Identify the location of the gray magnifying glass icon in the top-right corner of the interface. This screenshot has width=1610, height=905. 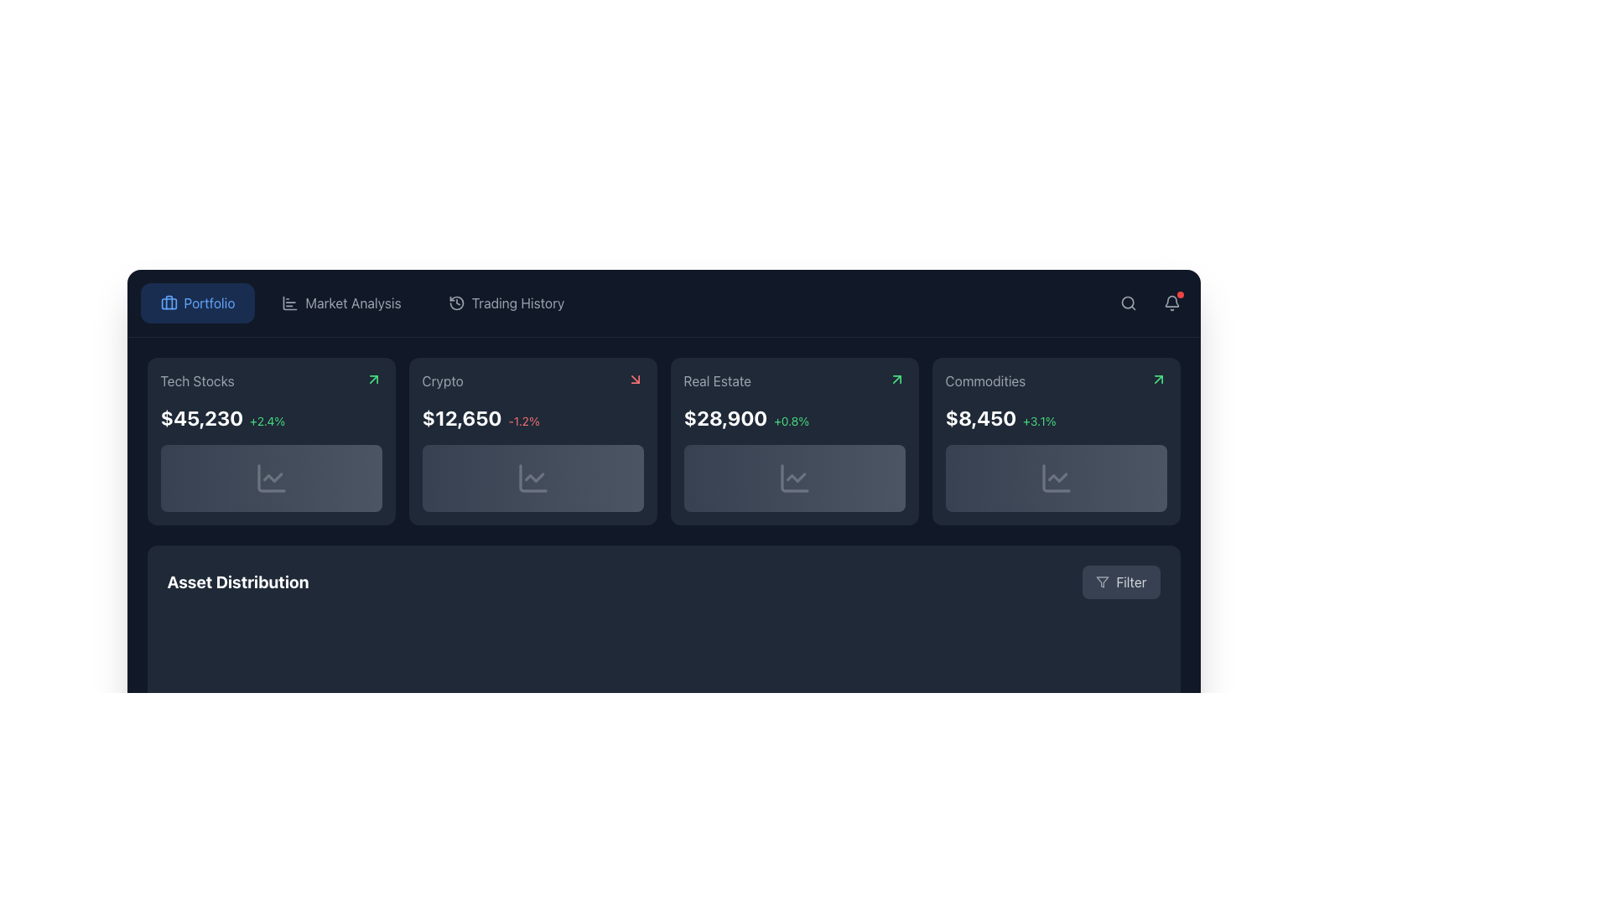
(1128, 303).